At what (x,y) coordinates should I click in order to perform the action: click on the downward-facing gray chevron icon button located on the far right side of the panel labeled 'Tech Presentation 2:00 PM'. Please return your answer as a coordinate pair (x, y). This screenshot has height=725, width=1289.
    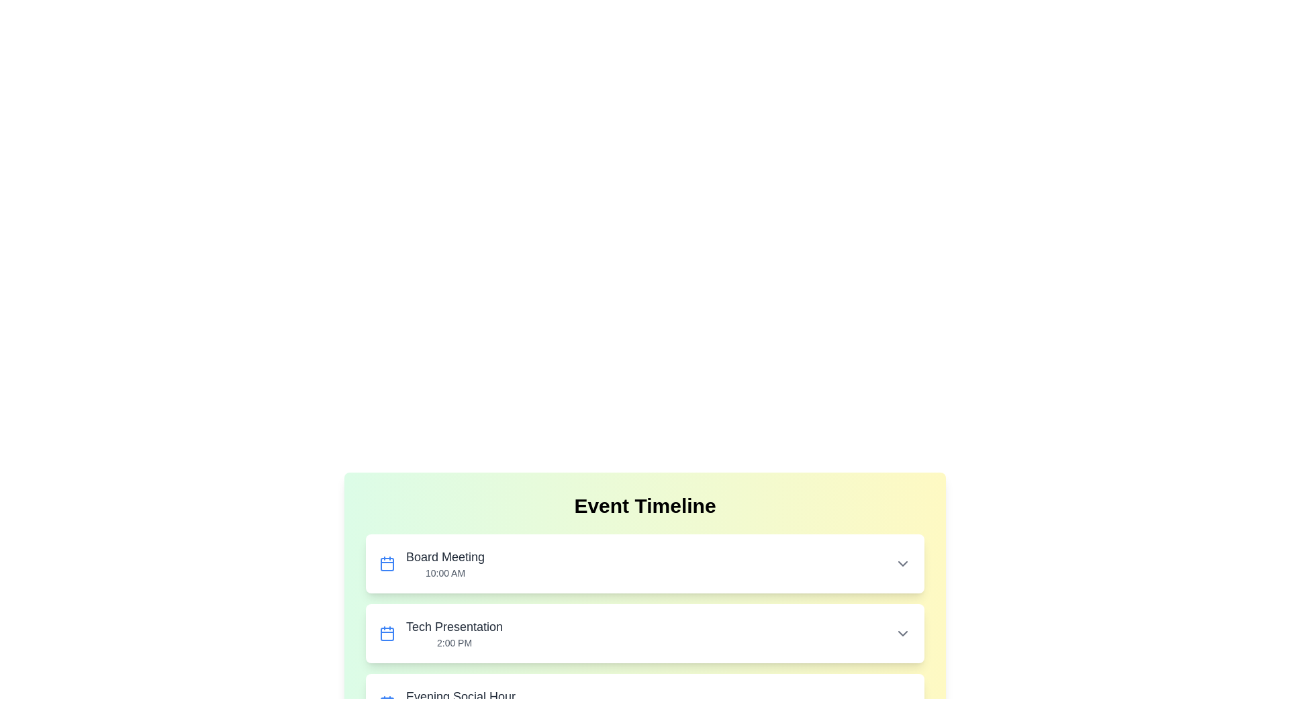
    Looking at the image, I should click on (902, 634).